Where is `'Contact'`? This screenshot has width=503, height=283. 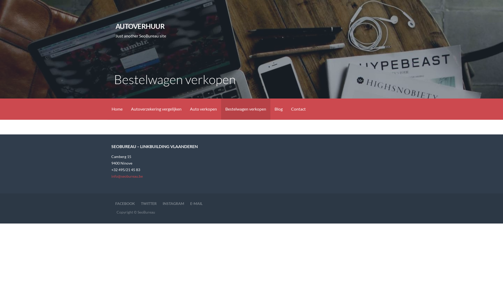 'Contact' is located at coordinates (286, 109).